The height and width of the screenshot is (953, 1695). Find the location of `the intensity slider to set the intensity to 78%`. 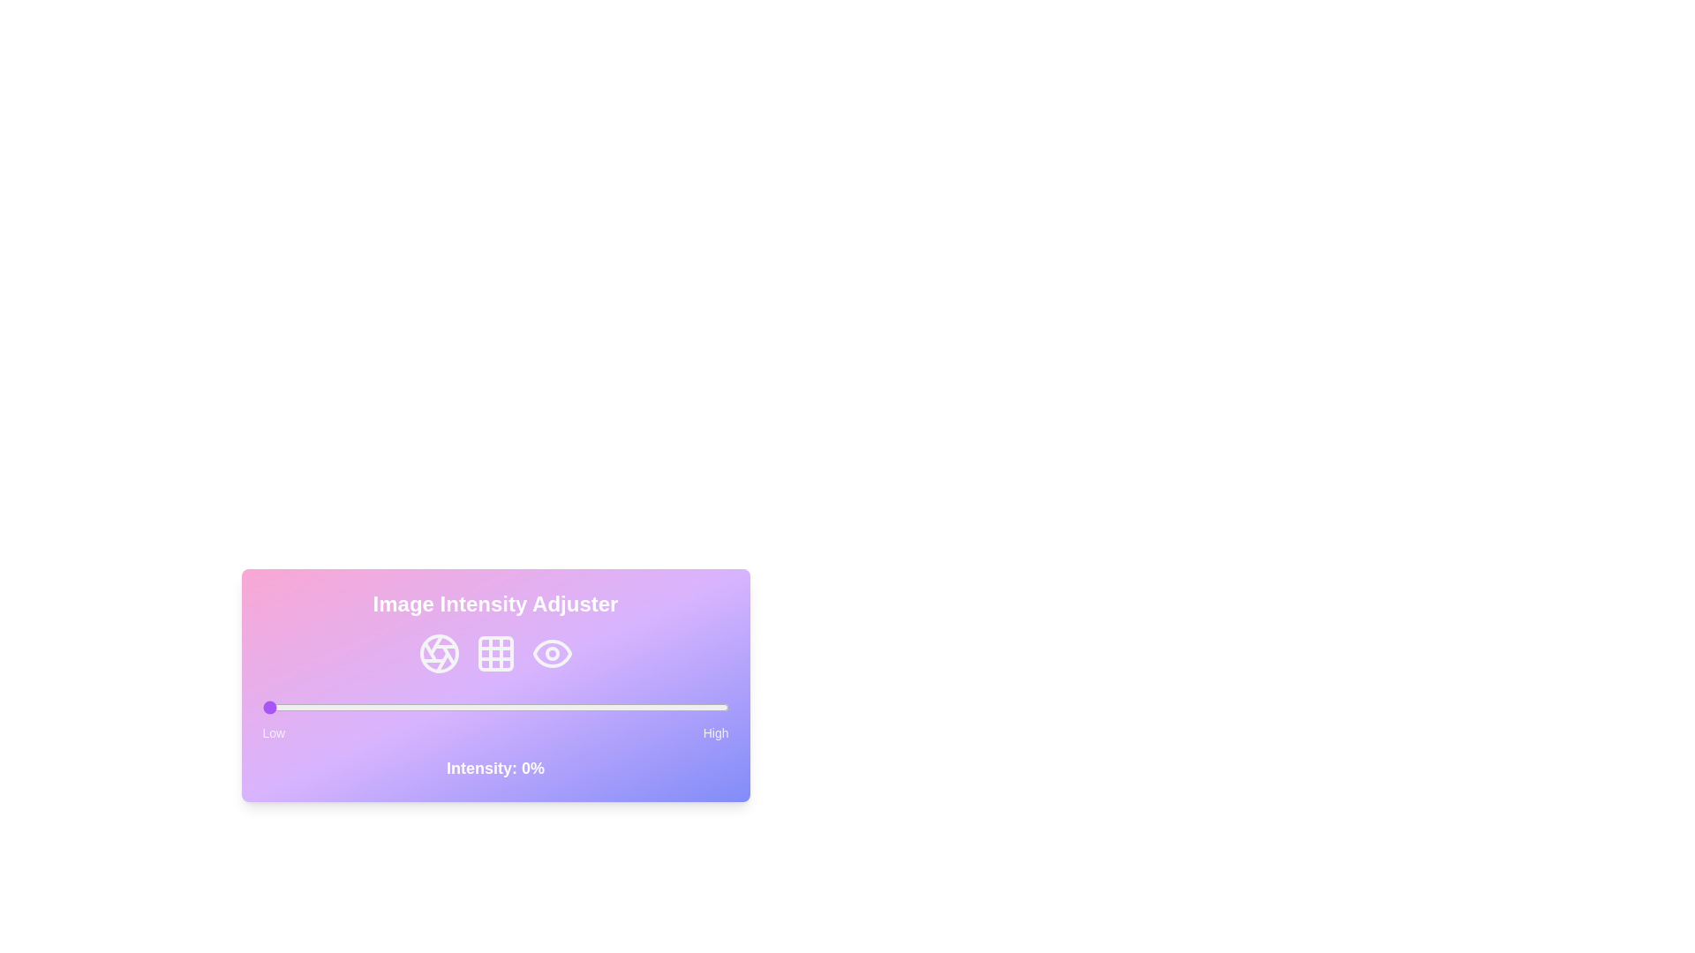

the intensity slider to set the intensity to 78% is located at coordinates (626, 707).